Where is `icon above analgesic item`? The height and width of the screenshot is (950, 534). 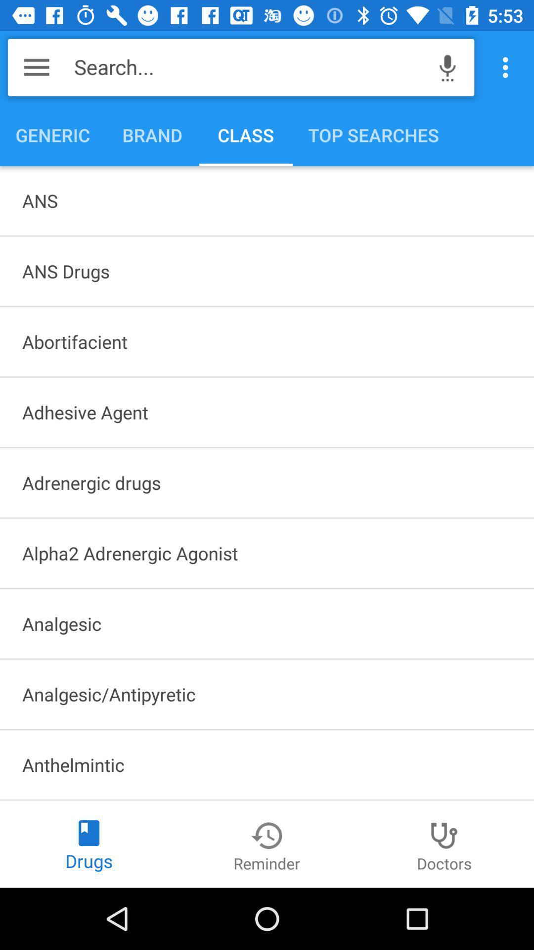 icon above analgesic item is located at coordinates (267, 553).